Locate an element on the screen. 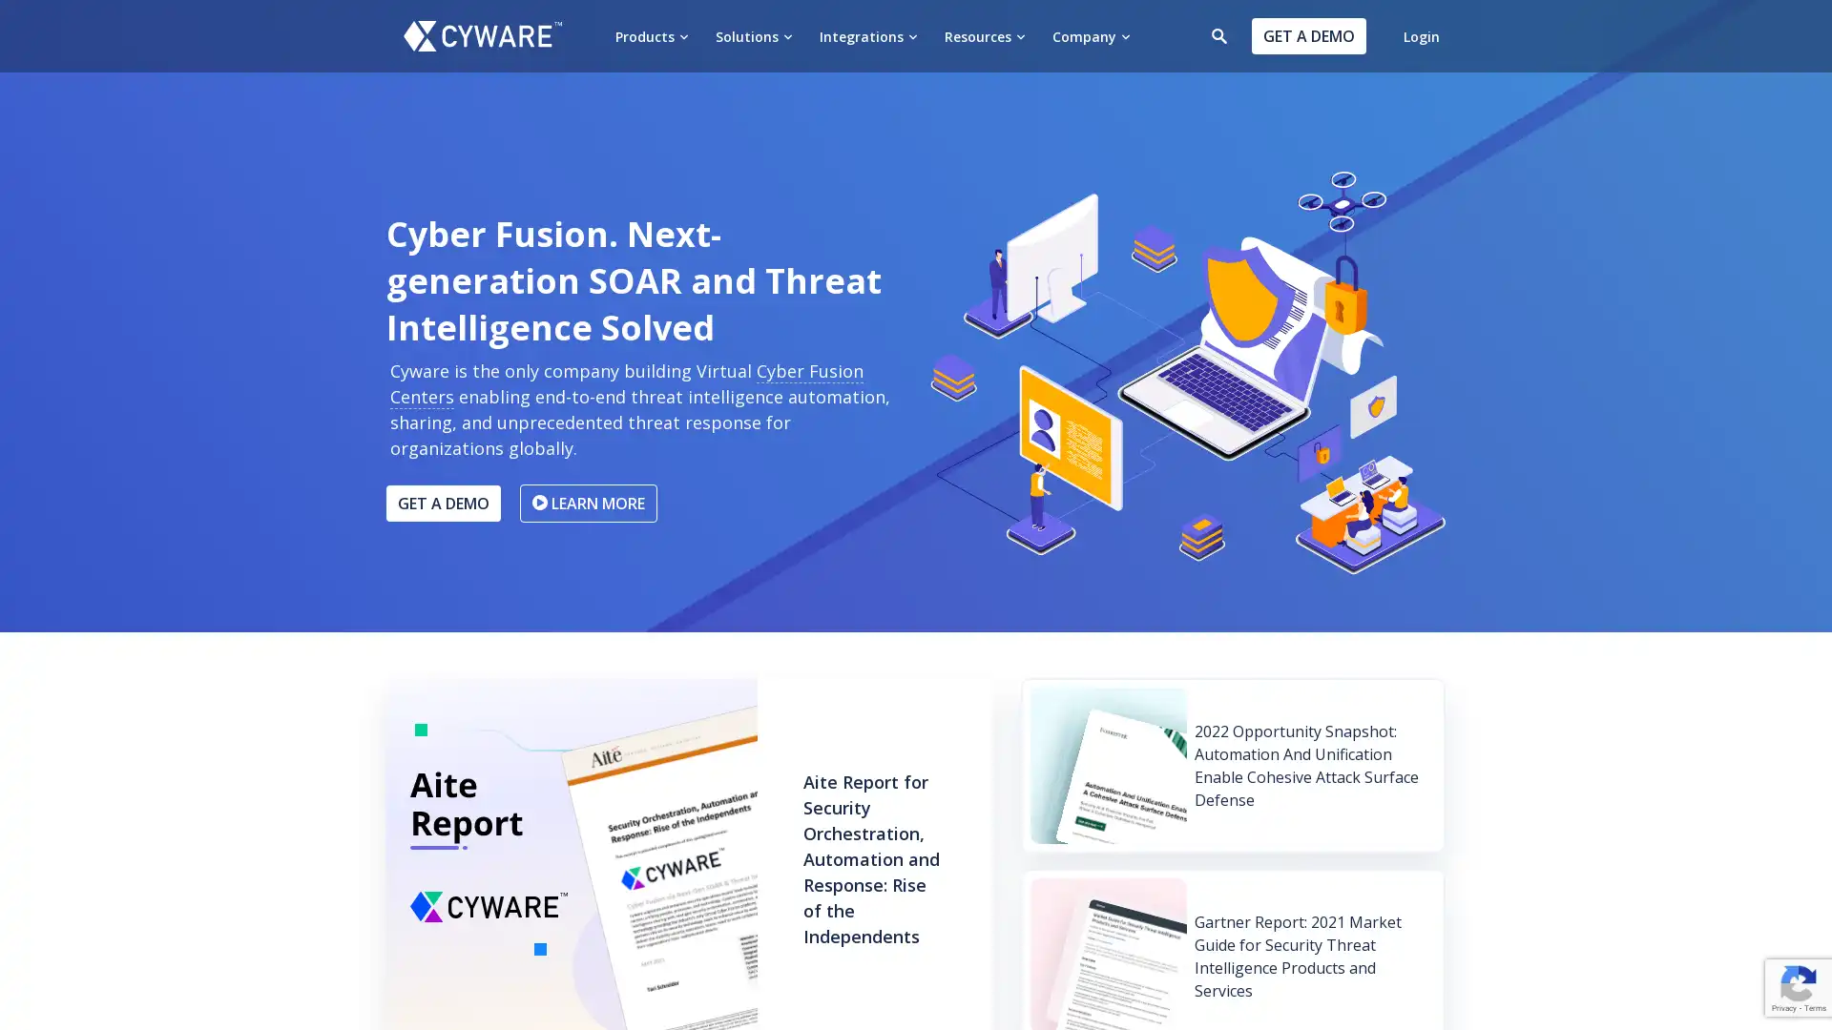 The image size is (1832, 1030). Solutions is located at coordinates (753, 35).